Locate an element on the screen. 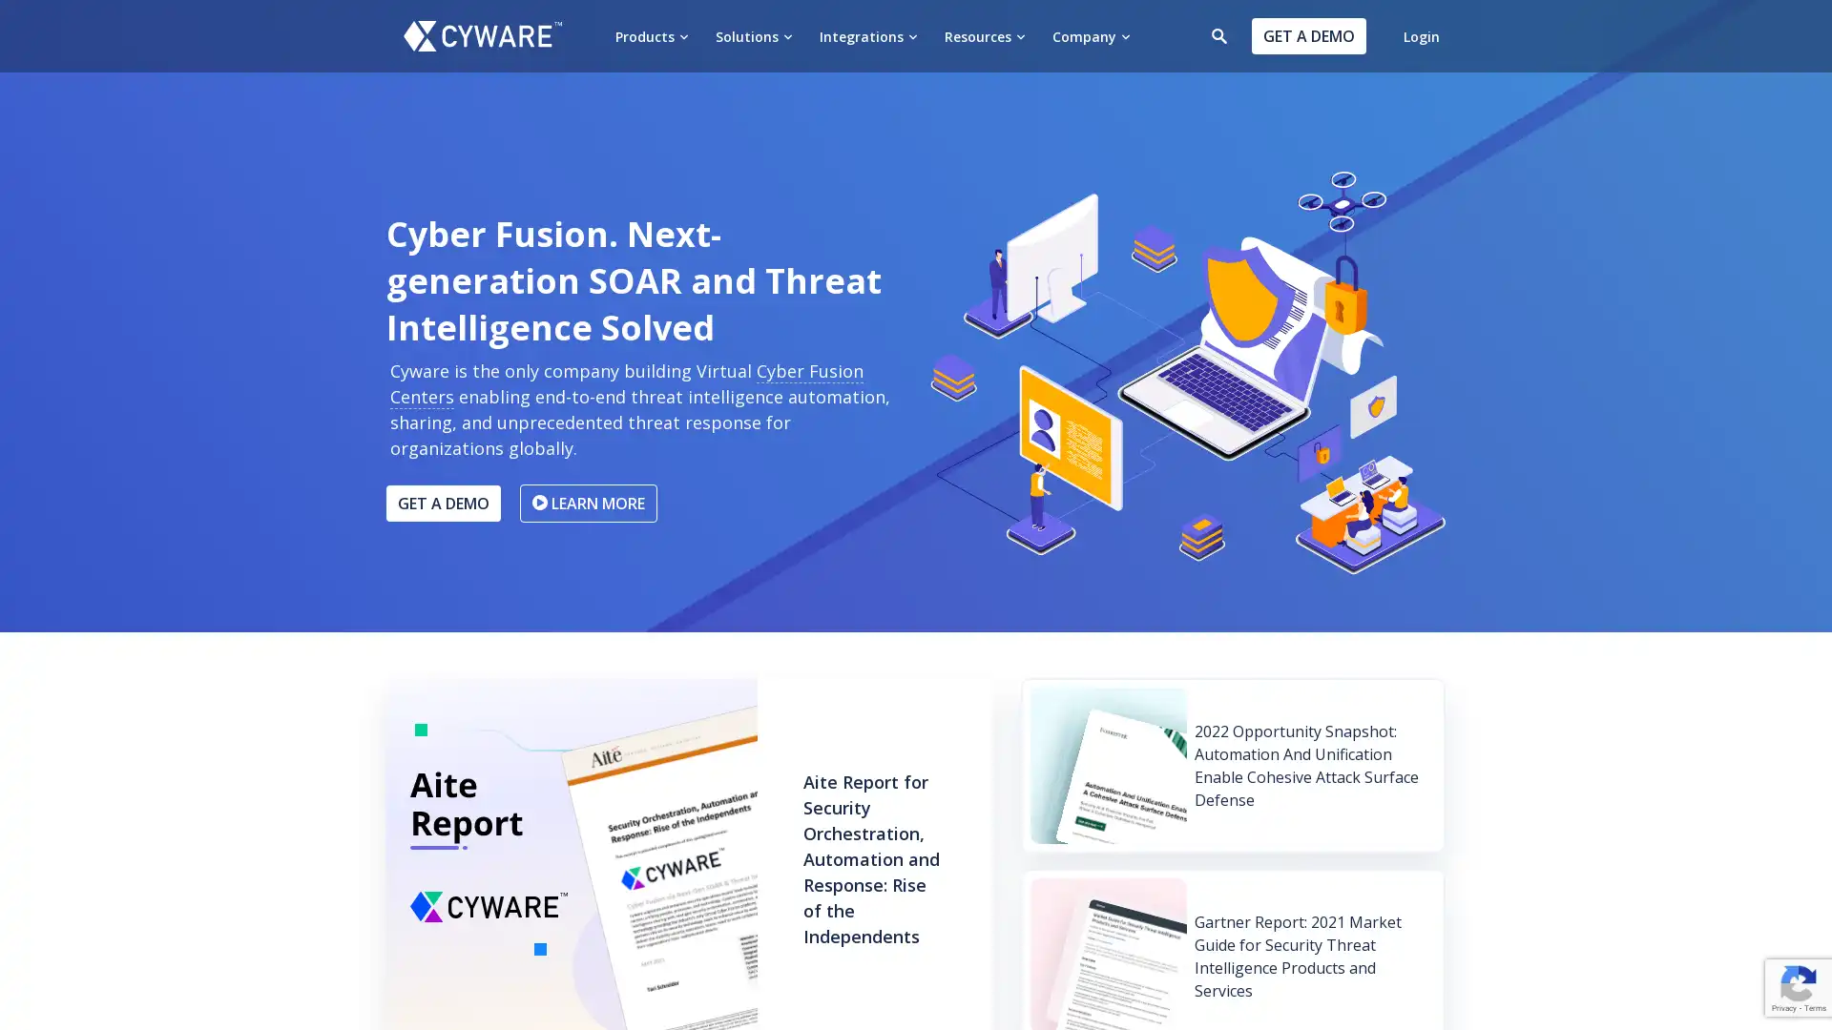 The image size is (1832, 1030). Solutions is located at coordinates (753, 35).